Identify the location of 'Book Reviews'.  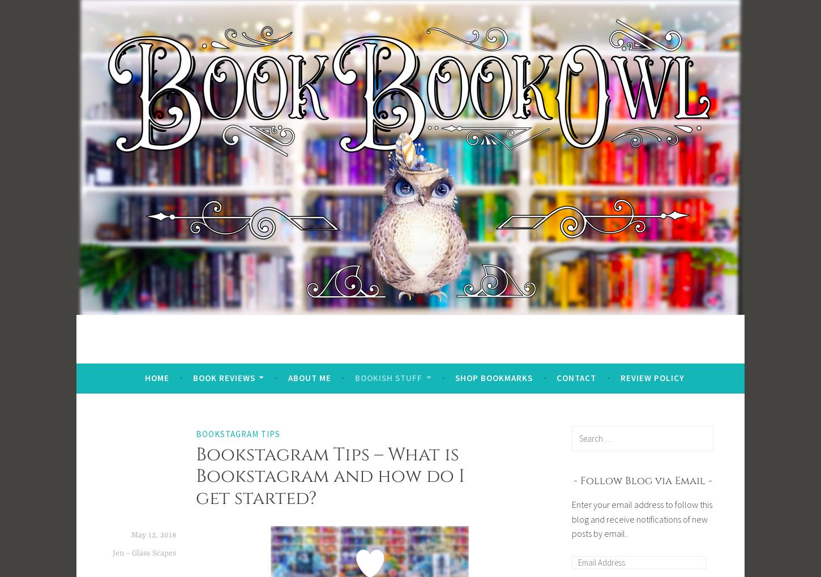
(223, 377).